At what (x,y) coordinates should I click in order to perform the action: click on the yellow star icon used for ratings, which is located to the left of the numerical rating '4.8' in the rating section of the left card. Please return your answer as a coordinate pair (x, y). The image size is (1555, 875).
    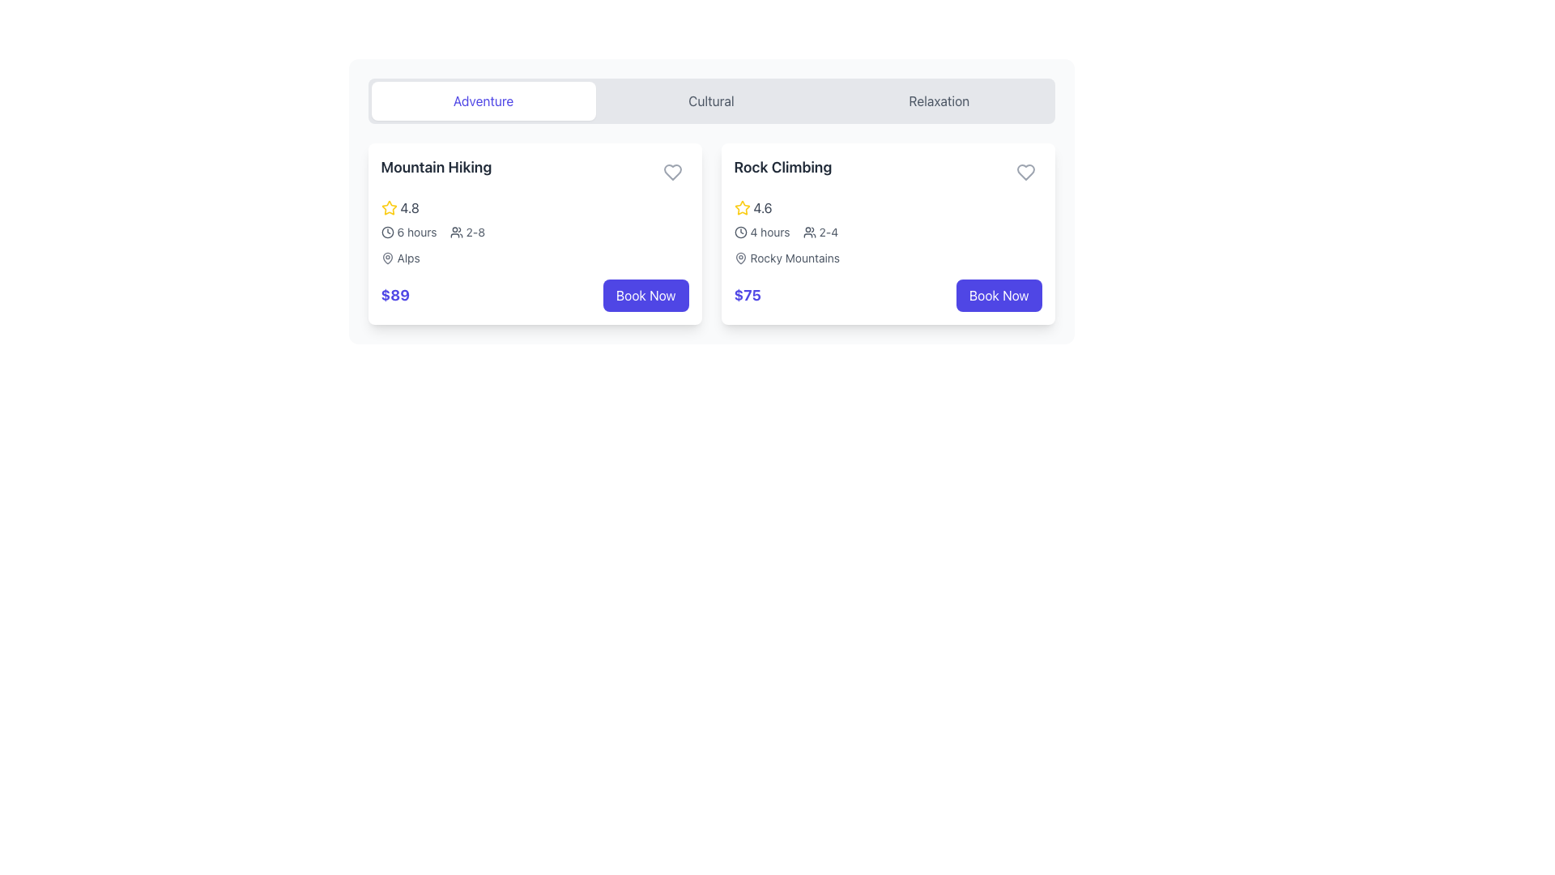
    Looking at the image, I should click on (389, 207).